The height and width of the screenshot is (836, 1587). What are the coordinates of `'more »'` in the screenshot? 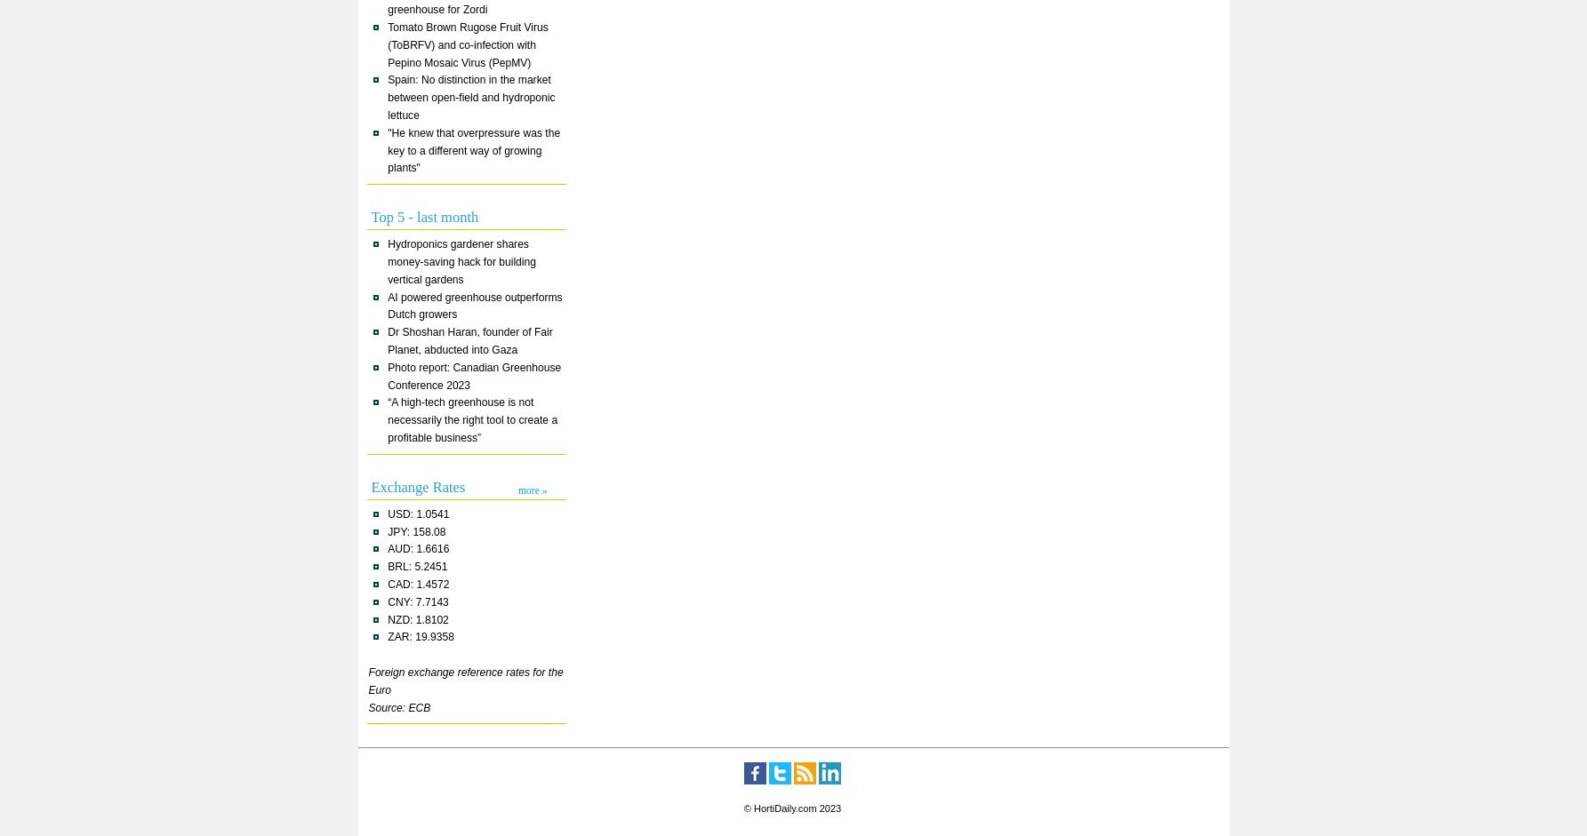 It's located at (533, 489).